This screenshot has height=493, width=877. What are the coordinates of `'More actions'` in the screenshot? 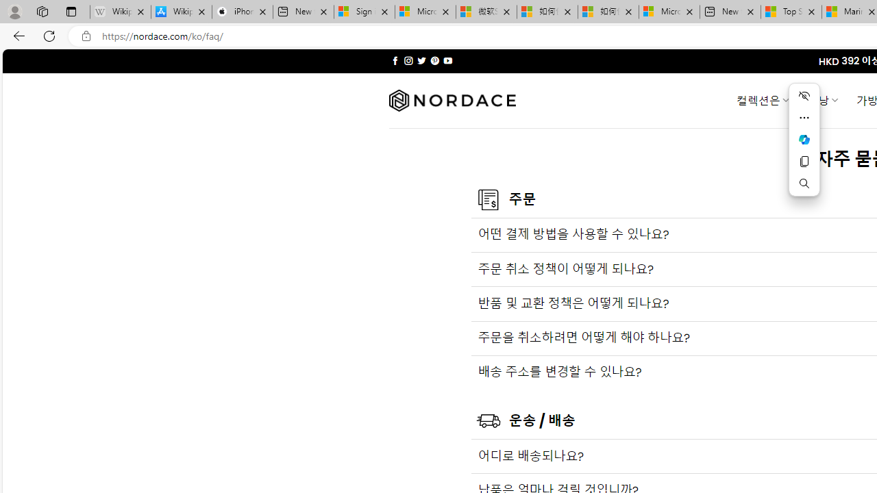 It's located at (804, 117).